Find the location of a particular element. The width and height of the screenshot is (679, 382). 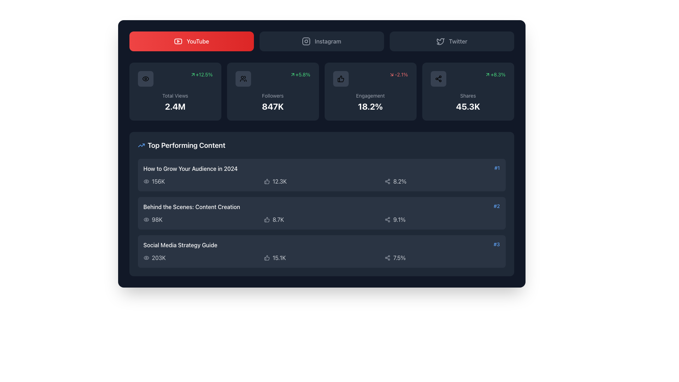

the grid element displaying statistics for 'How to Grow Your Audience in 2024', which includes the values '156K', '12.3K', and '8.2%' with corresponding icons is located at coordinates (321, 181).